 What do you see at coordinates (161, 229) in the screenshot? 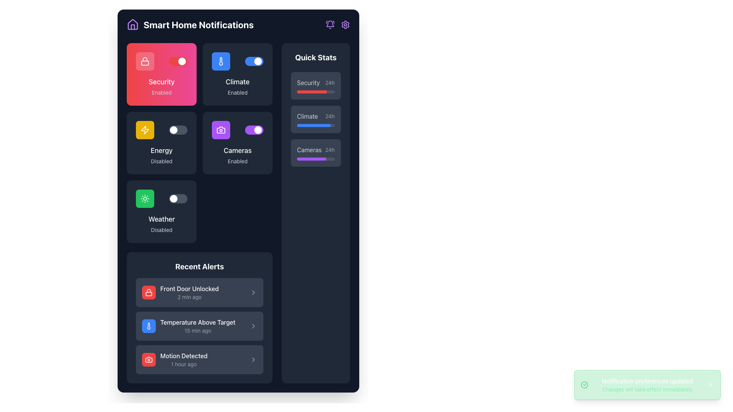
I see `the text label indicating the current status of the 'Weather' feature, which specifies that it is deactivated or unavailable, located at the bottom section of the 'Weather' card` at bounding box center [161, 229].